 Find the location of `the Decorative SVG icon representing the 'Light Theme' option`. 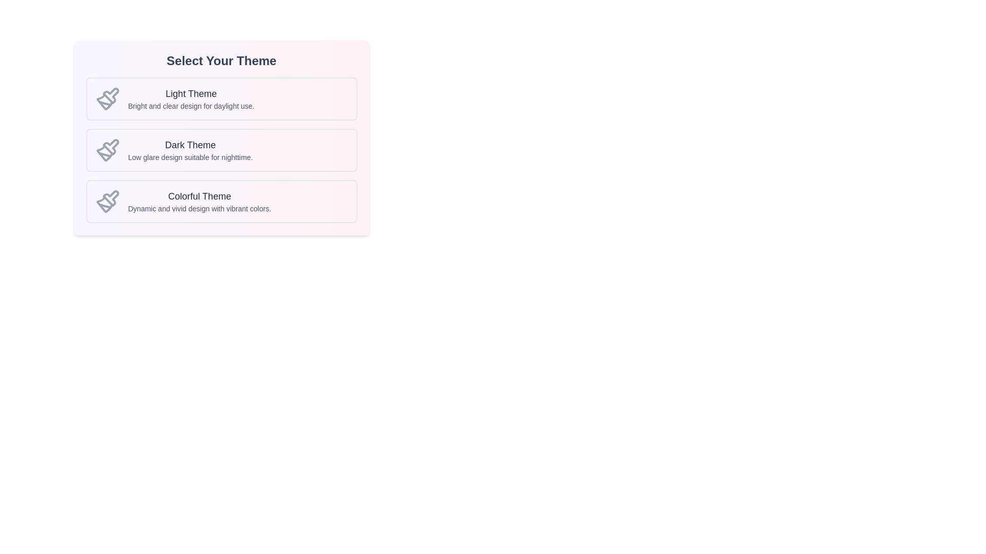

the Decorative SVG icon representing the 'Light Theme' option is located at coordinates (110, 95).